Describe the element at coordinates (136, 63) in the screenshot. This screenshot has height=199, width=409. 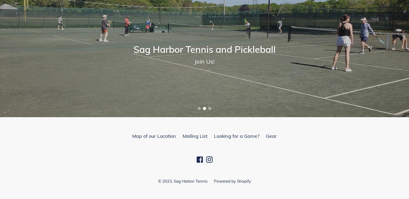
I see `'8 Clay Courts  - 2 Hard Courts - 8 Pickleball Courts'` at that location.